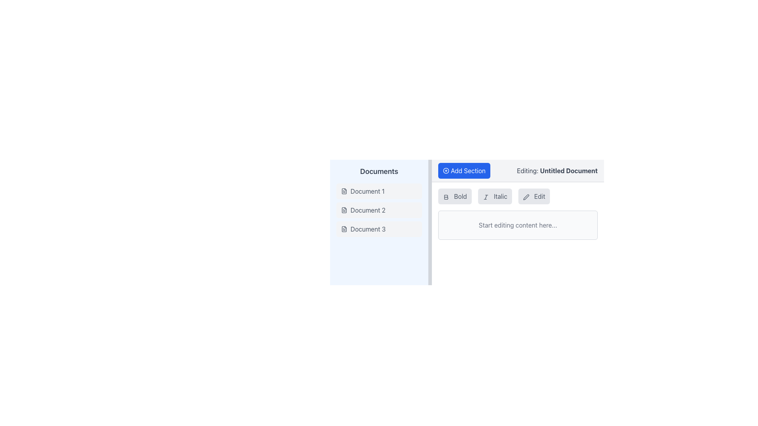 The image size is (758, 426). What do you see at coordinates (367, 191) in the screenshot?
I see `the text label representing the title of a document in the list under 'Documents'` at bounding box center [367, 191].